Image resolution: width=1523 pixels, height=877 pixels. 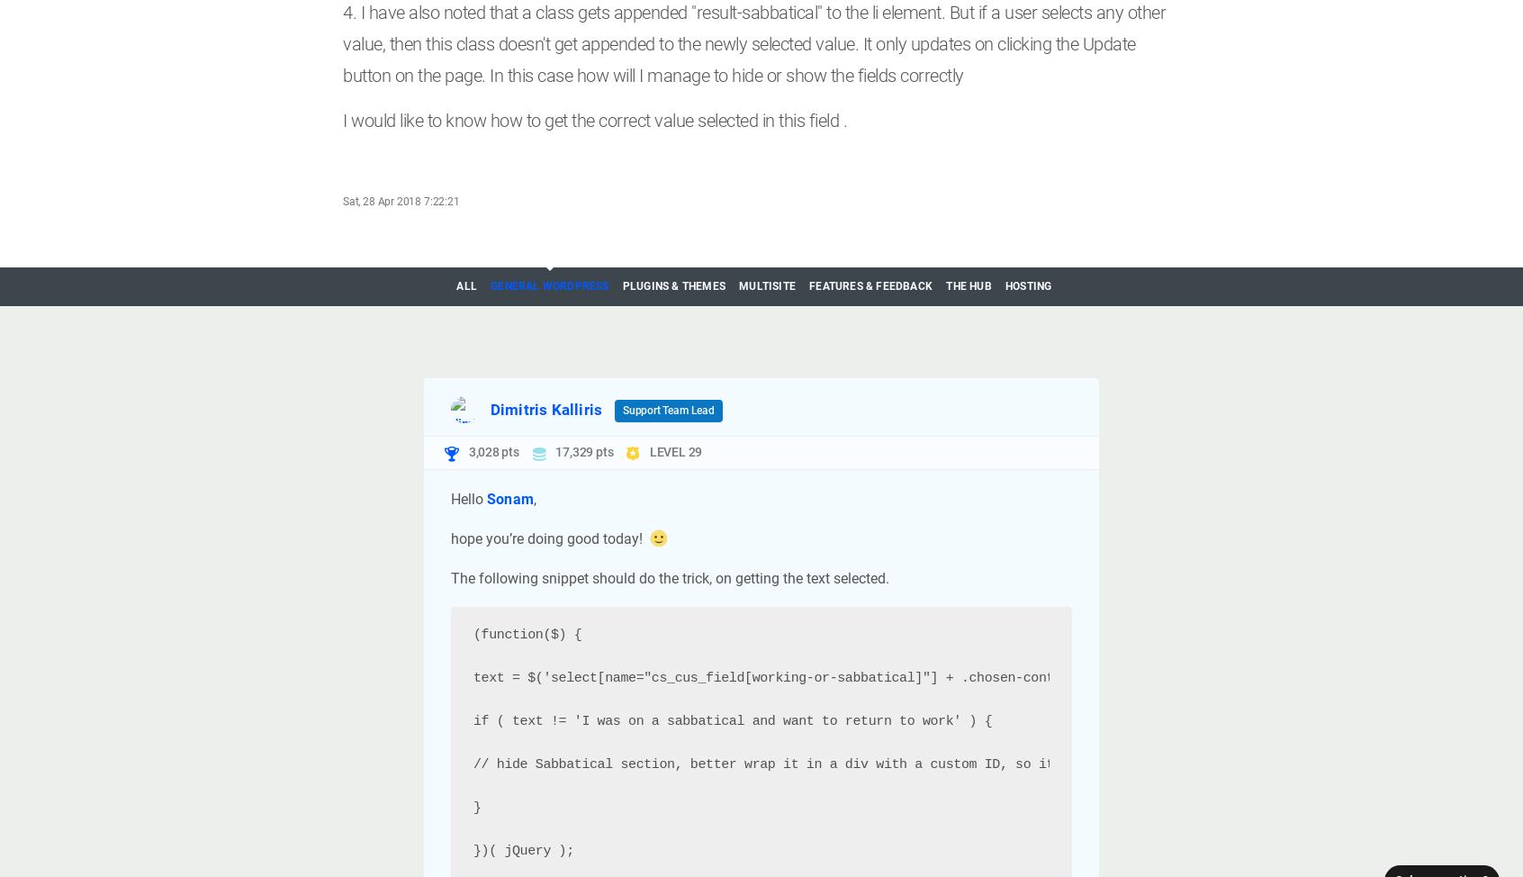 What do you see at coordinates (548, 285) in the screenshot?
I see `'General WordPress'` at bounding box center [548, 285].